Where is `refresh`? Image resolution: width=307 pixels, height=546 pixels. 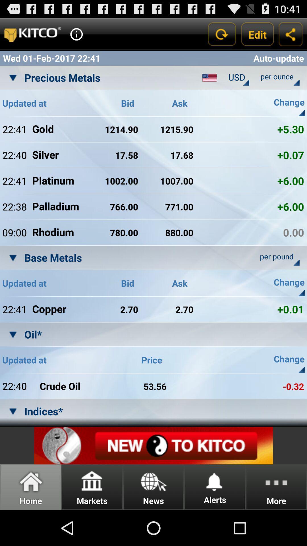
refresh is located at coordinates (221, 34).